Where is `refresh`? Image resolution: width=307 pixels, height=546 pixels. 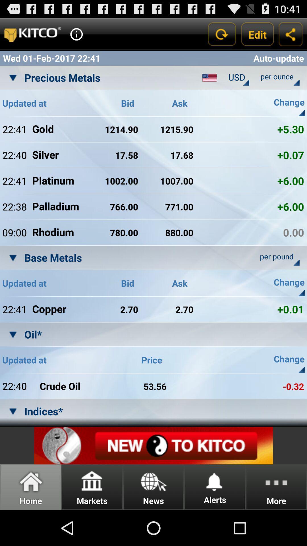
refresh is located at coordinates (221, 34).